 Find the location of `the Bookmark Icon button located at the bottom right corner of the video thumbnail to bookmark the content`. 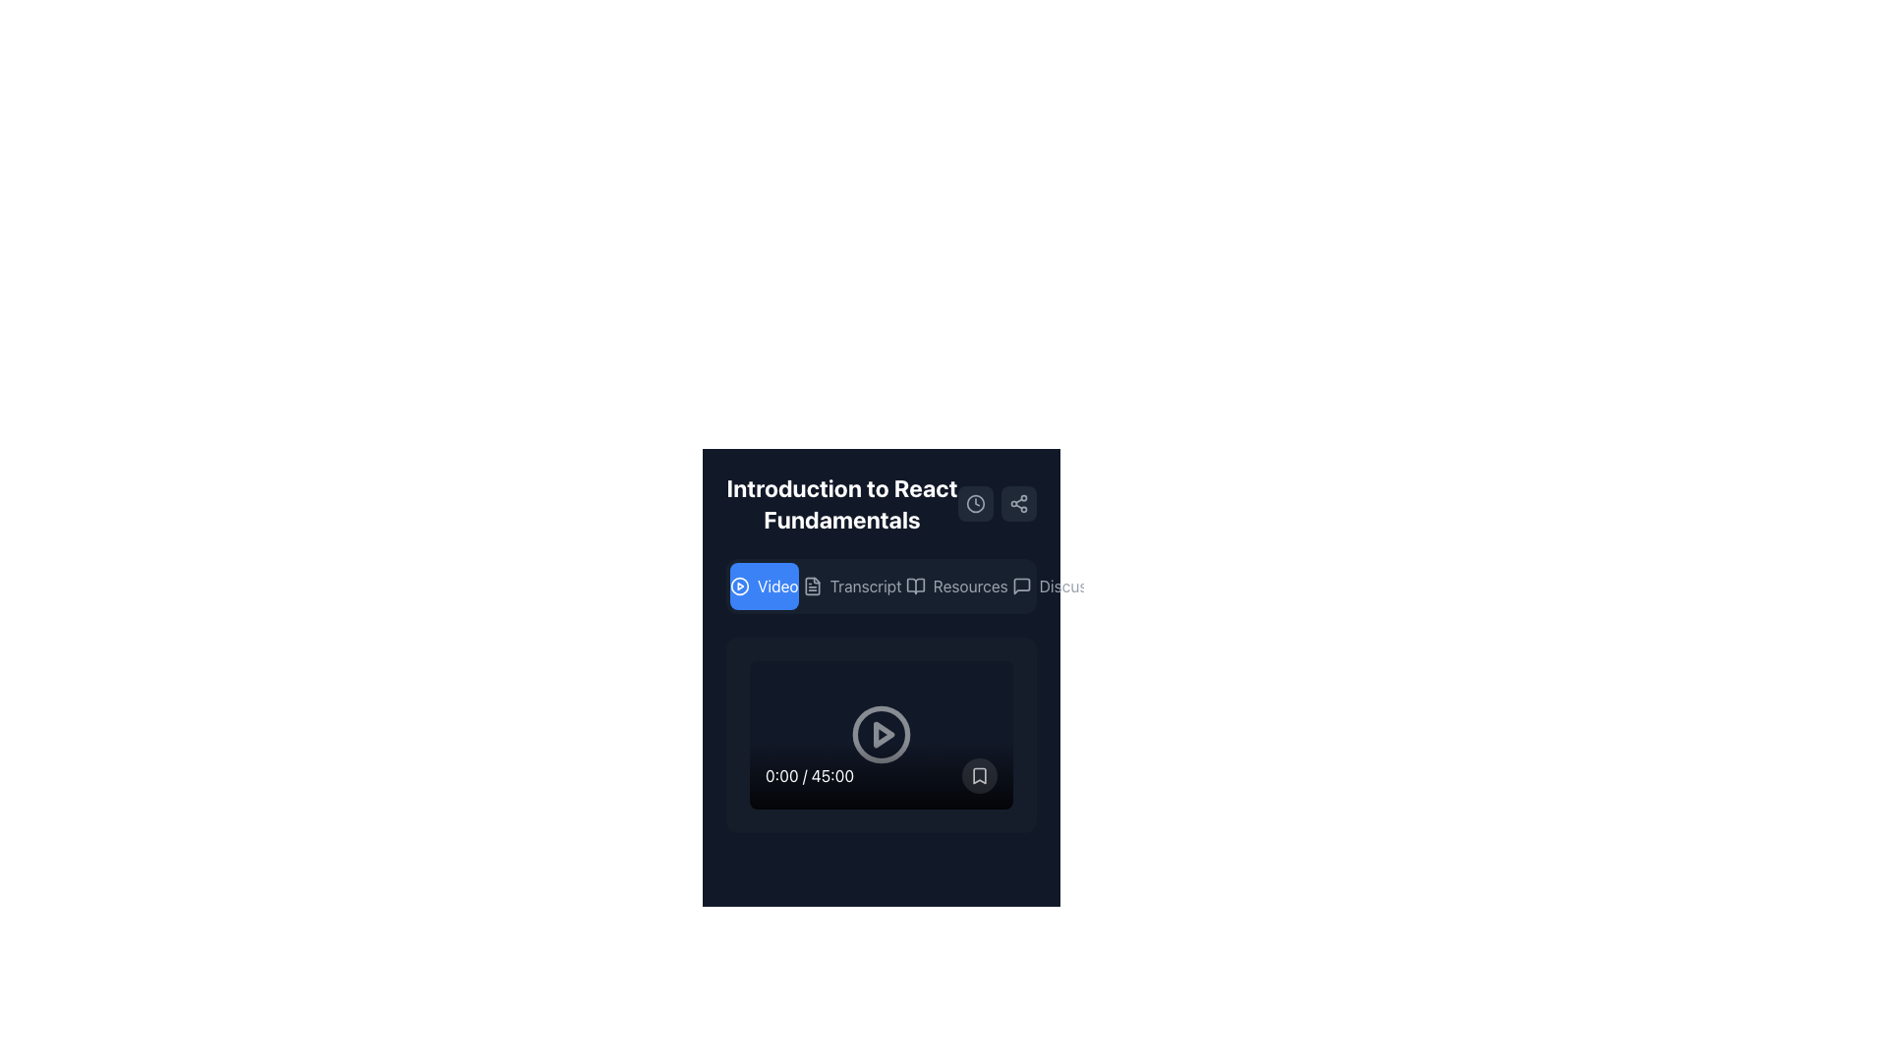

the Bookmark Icon button located at the bottom right corner of the video thumbnail to bookmark the content is located at coordinates (980, 774).